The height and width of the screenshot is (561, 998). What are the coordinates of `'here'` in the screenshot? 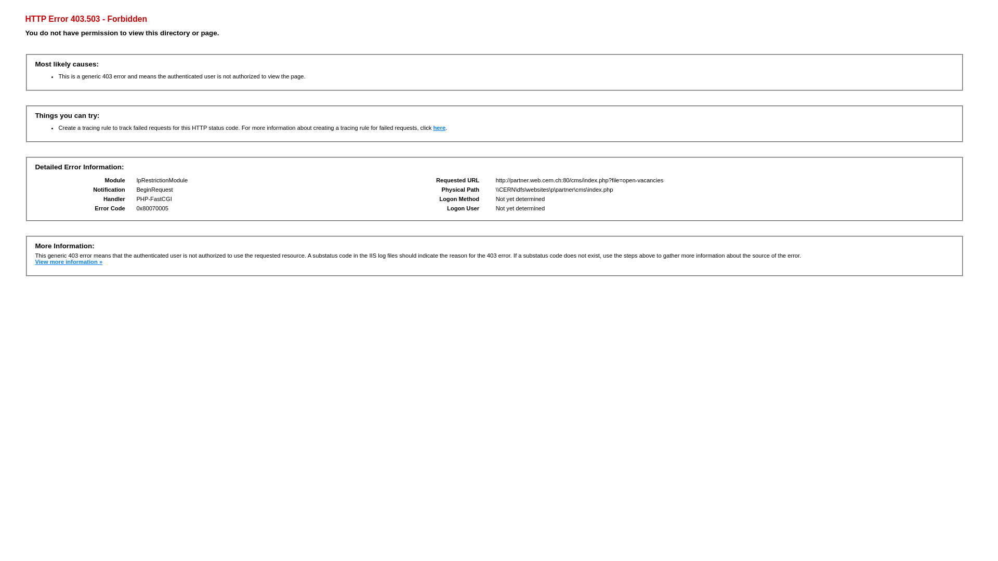 It's located at (439, 127).